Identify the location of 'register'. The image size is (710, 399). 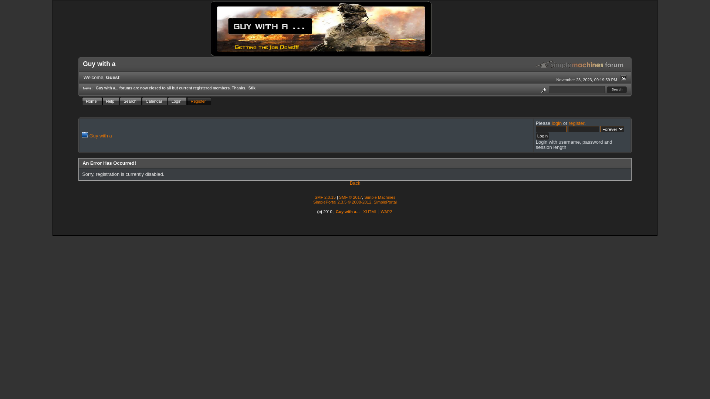
(576, 123).